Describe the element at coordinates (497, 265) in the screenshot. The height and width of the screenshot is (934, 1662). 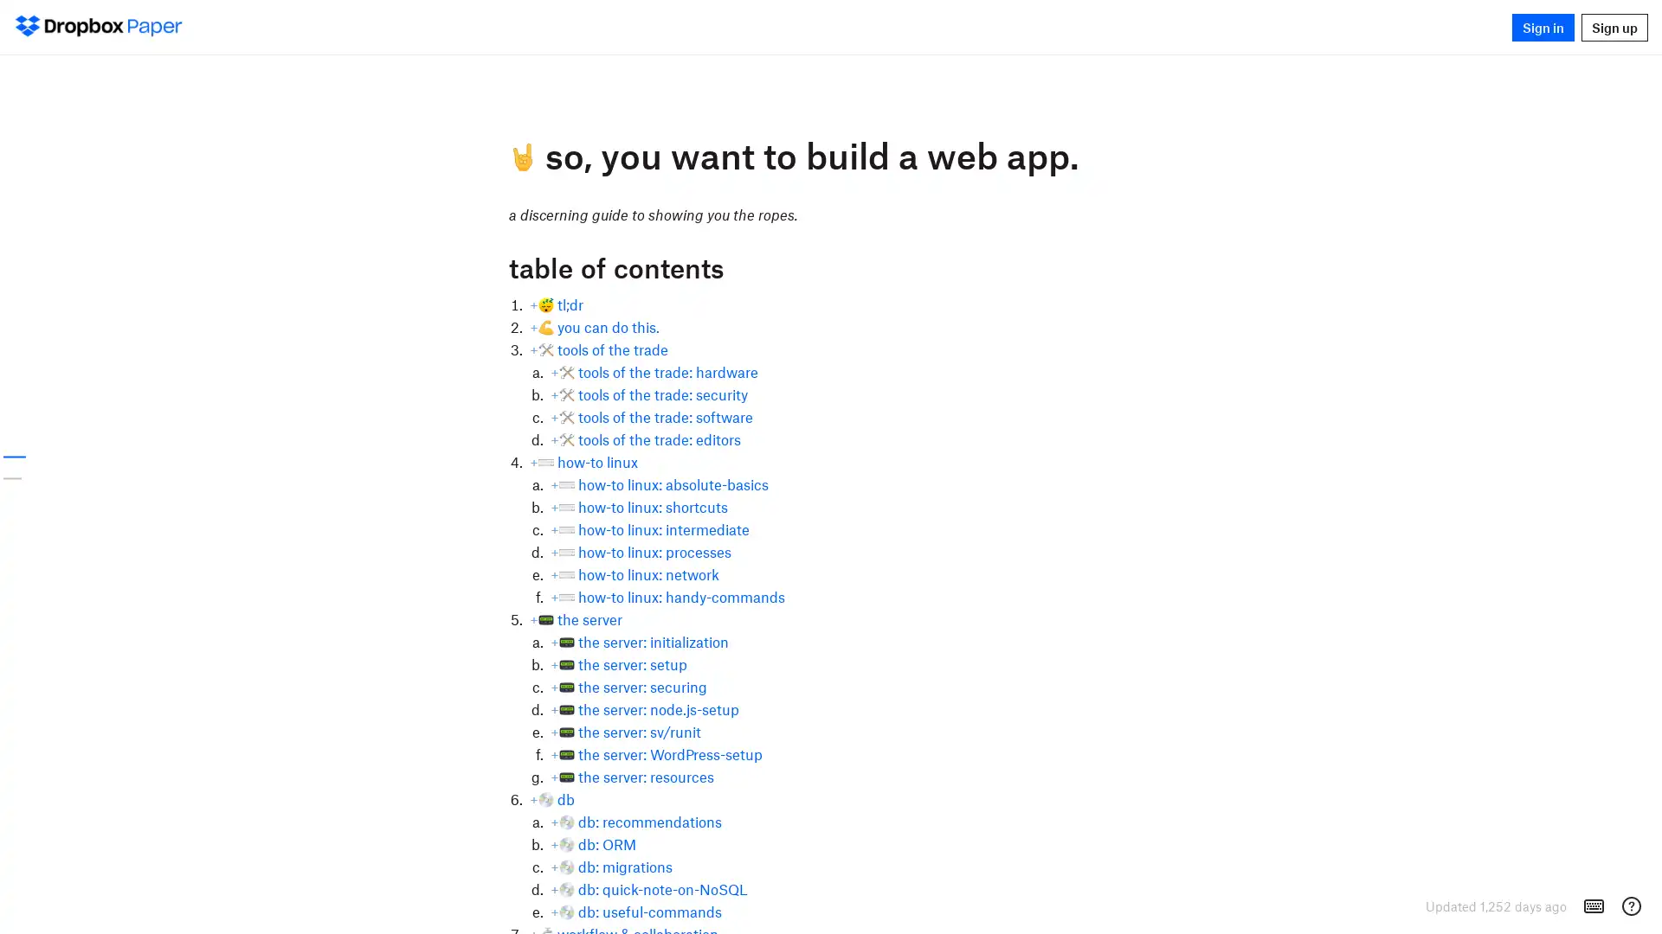
I see `Collapse` at that location.